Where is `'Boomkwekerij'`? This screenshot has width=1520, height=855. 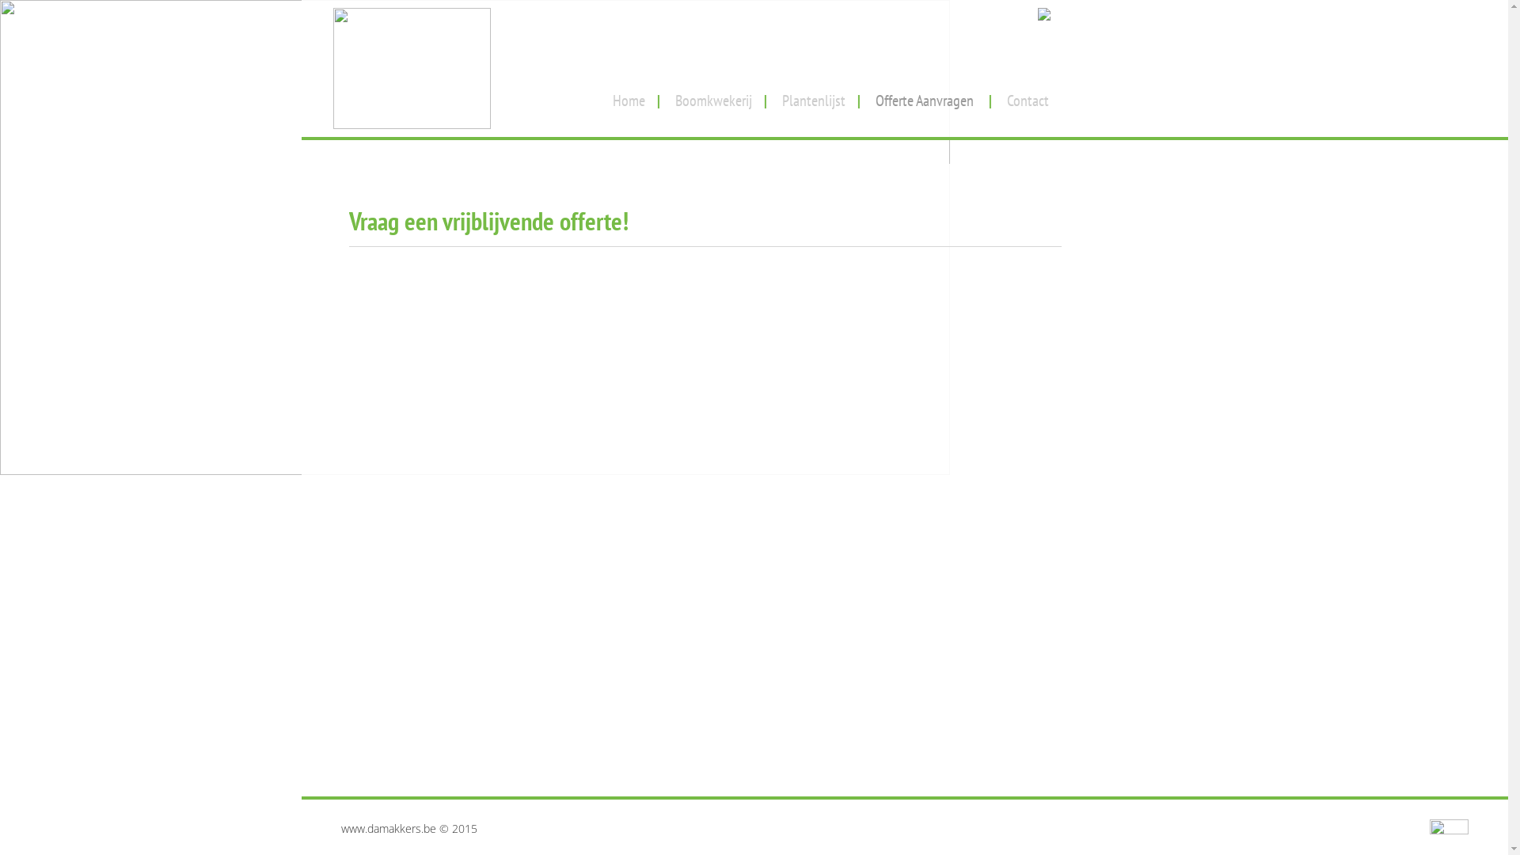 'Boomkwekerij' is located at coordinates (712, 94).